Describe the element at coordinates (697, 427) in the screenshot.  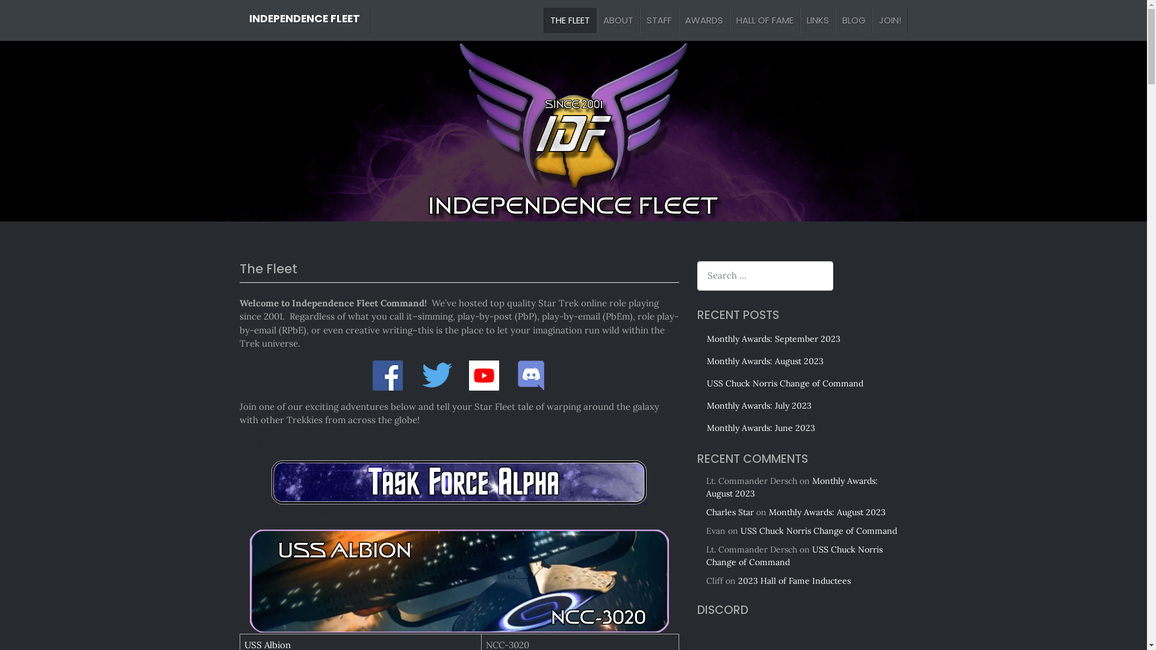
I see `'Monthly Awards: June 2023'` at that location.